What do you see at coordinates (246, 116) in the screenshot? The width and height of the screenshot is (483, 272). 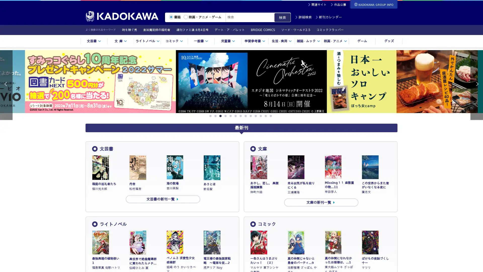 I see `8` at bounding box center [246, 116].